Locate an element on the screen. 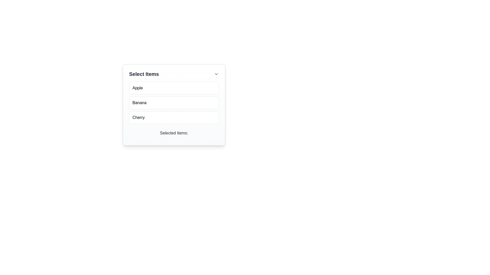  the list item labeled 'Banana' is located at coordinates (174, 103).